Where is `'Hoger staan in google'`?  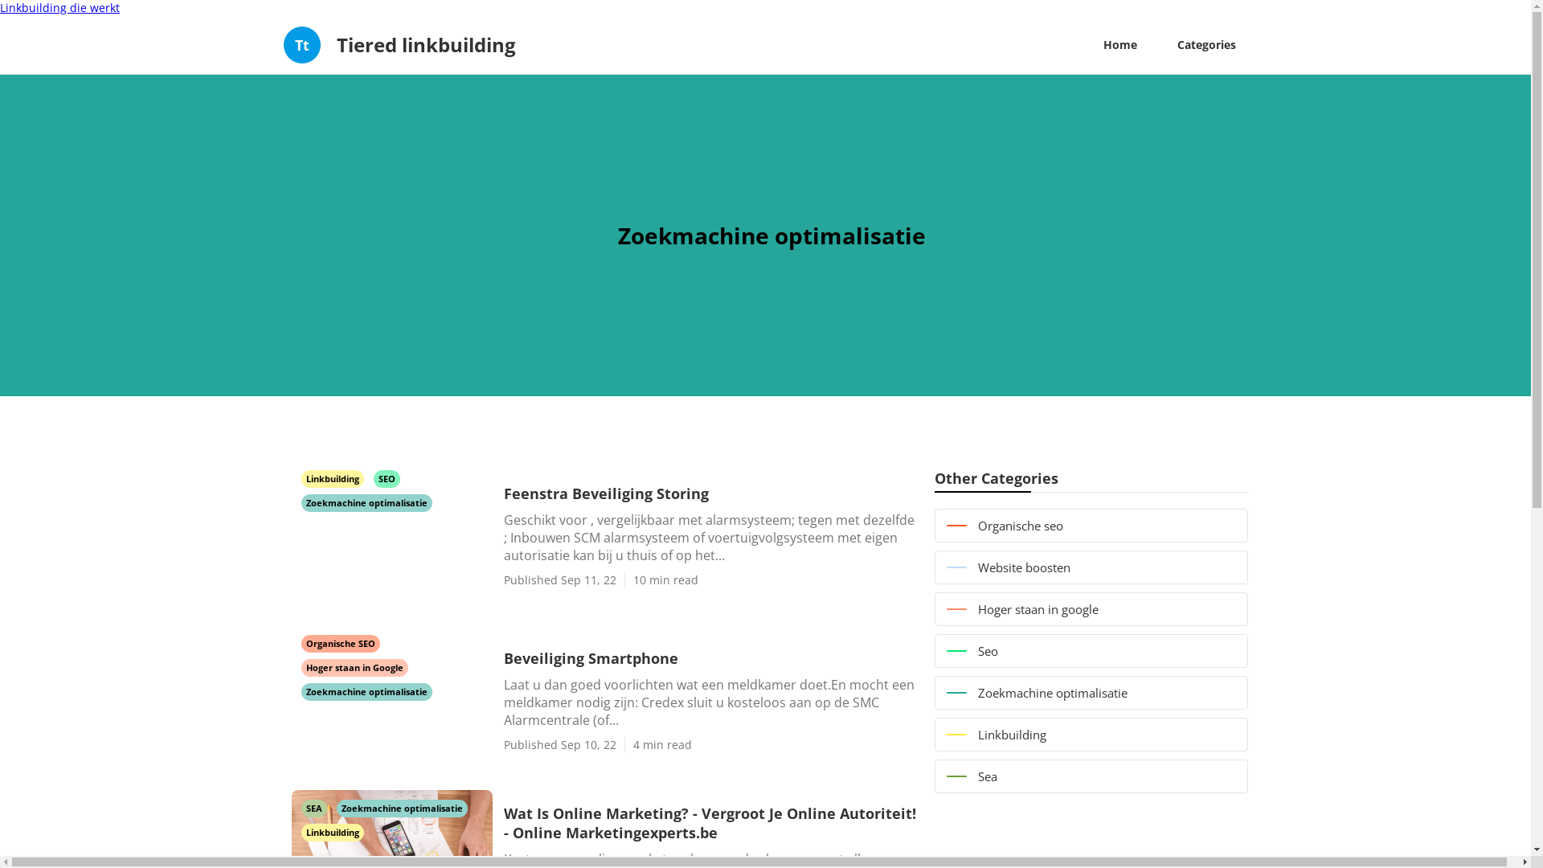 'Hoger staan in google' is located at coordinates (1091, 609).